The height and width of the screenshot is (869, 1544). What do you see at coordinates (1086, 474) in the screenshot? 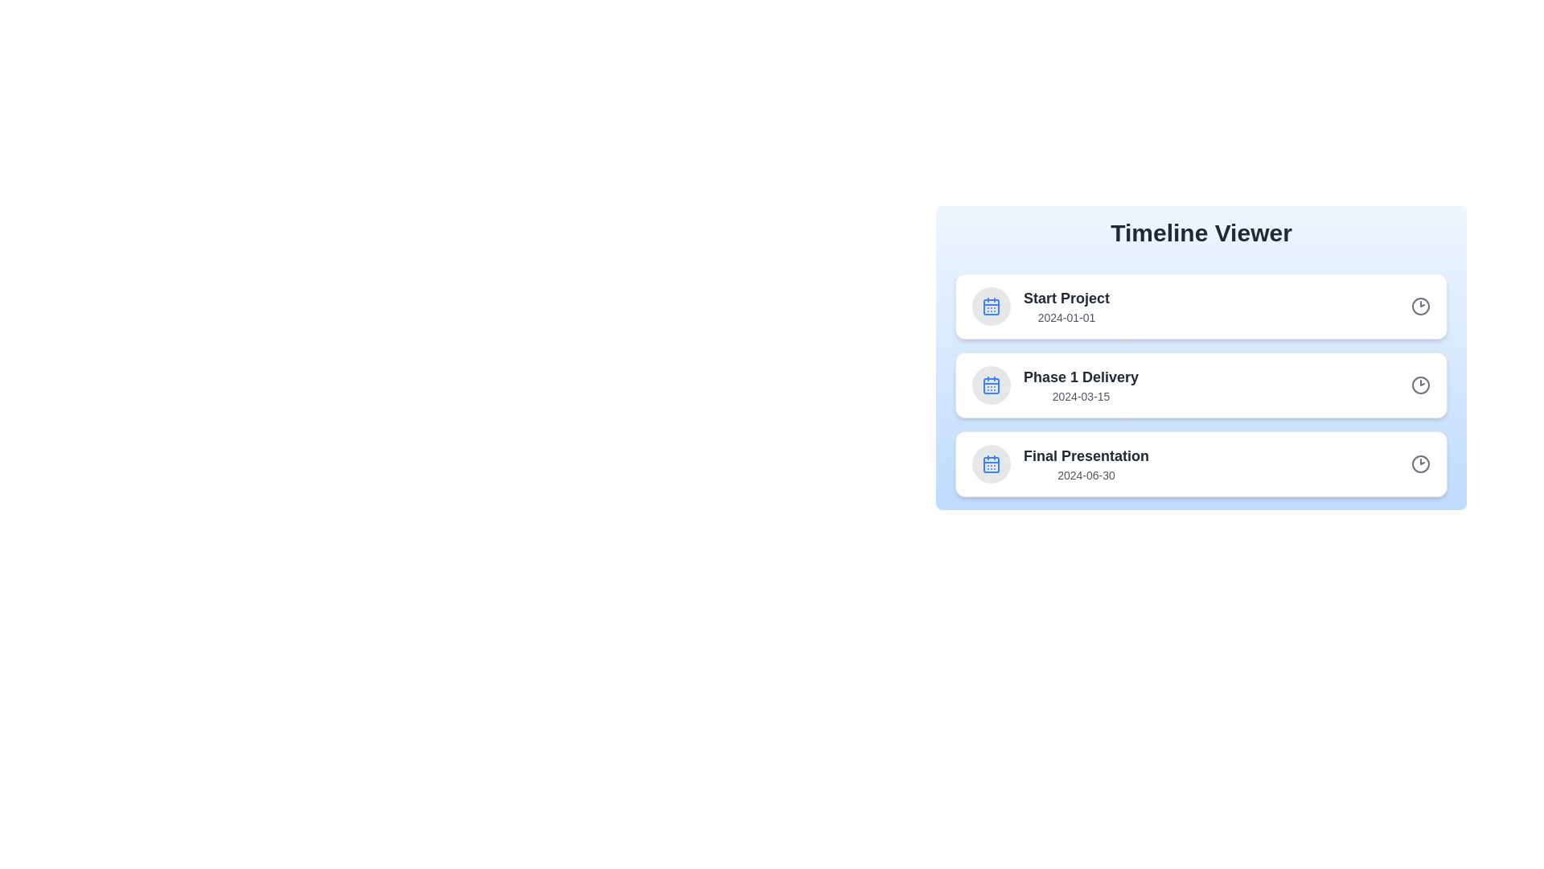
I see `the date indicator text label located below the 'Final Presentation' text in the 'Timeline Viewer' section` at bounding box center [1086, 474].